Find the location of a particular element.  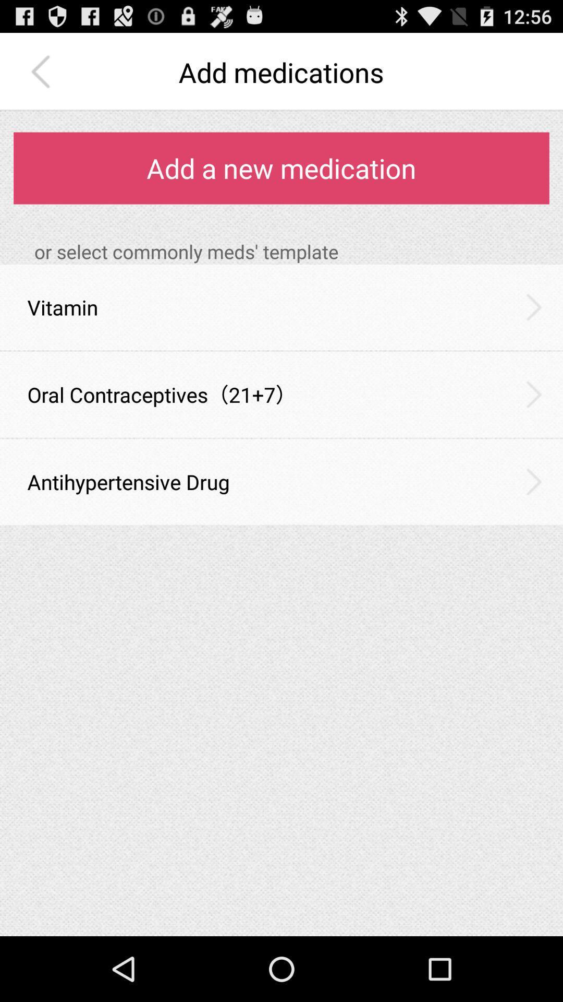

the oral contraceptives 21 is located at coordinates (162, 394).